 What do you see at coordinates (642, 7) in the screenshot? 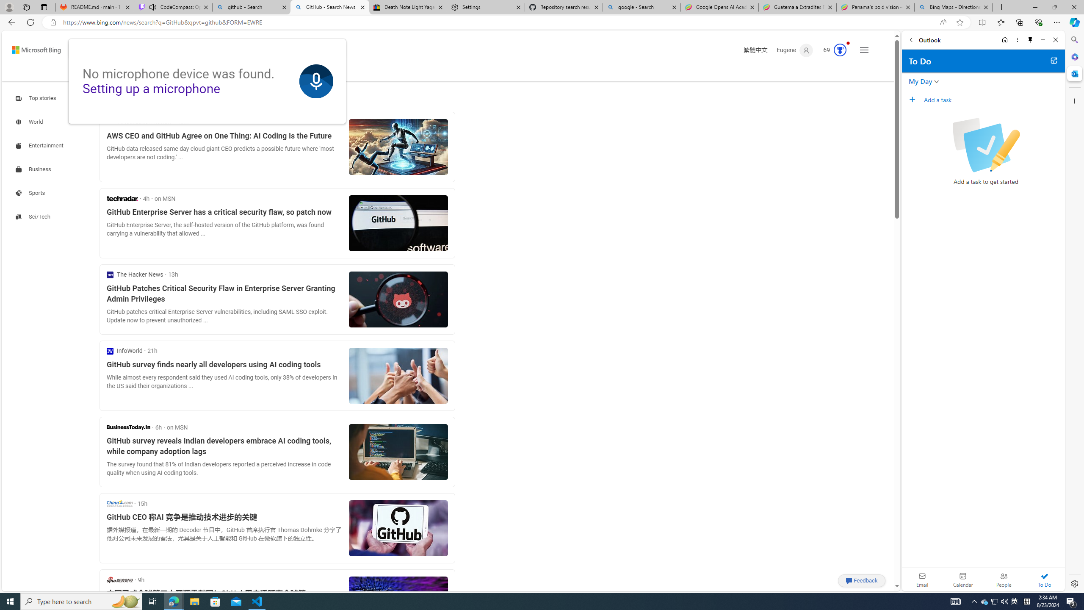
I see `'google - Search'` at bounding box center [642, 7].